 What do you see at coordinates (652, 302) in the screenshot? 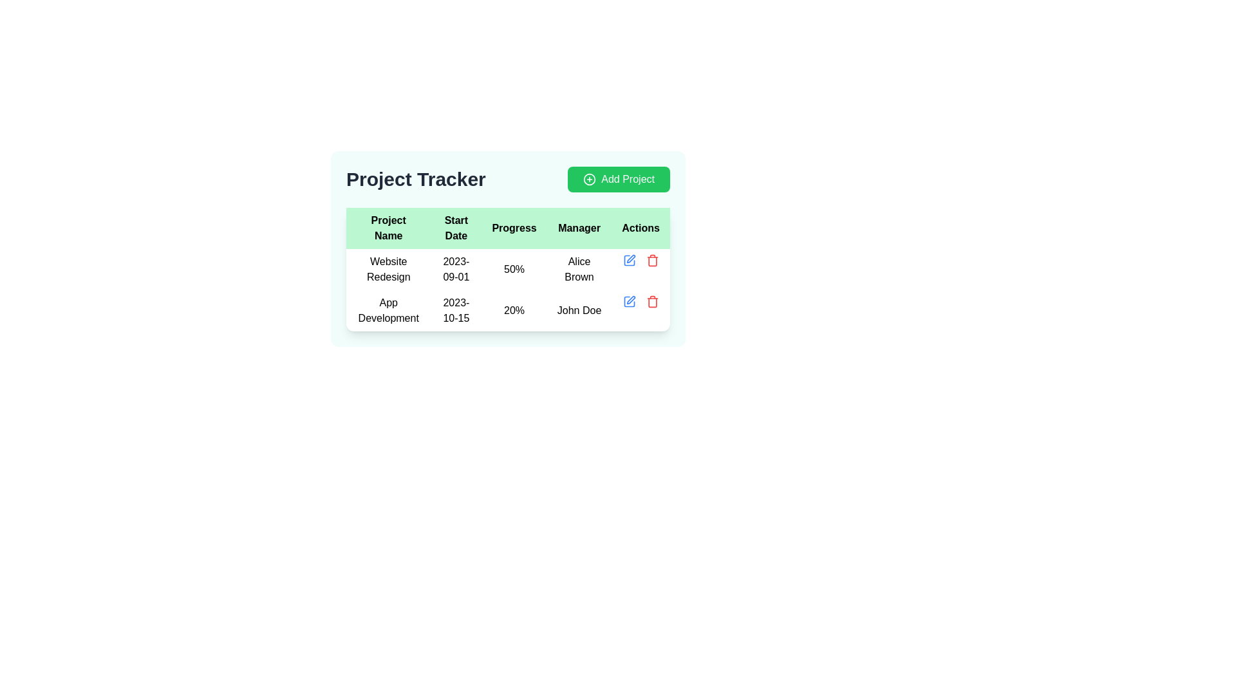
I see `the red outlined trash icon in the second row under the 'Actions' column to initiate the delete action` at bounding box center [652, 302].